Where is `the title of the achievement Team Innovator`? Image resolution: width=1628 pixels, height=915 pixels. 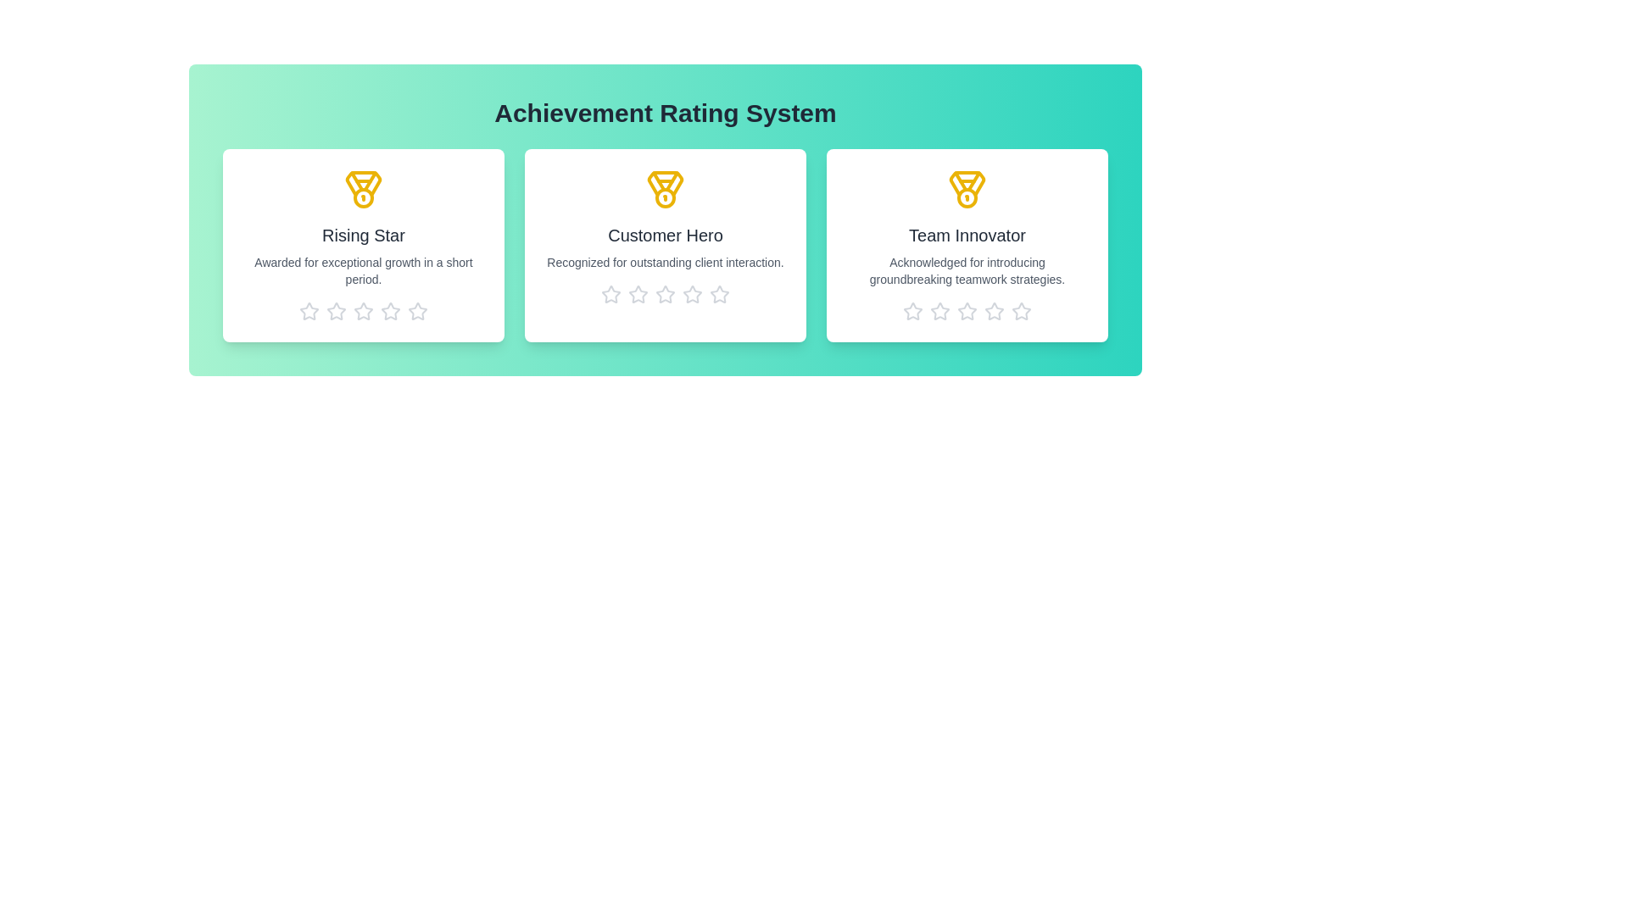
the title of the achievement Team Innovator is located at coordinates (967, 235).